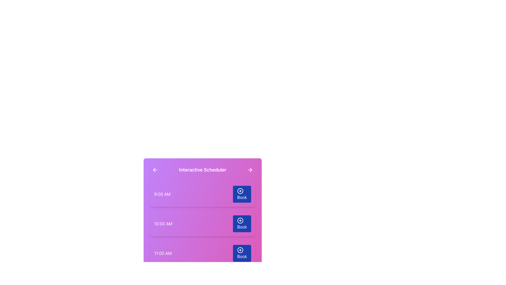  Describe the element at coordinates (240, 250) in the screenshot. I see `the SVG circle element that represents a plus sign, which is part of the 'Book' label and located to the right of the '11:00 AM' time slot` at that location.